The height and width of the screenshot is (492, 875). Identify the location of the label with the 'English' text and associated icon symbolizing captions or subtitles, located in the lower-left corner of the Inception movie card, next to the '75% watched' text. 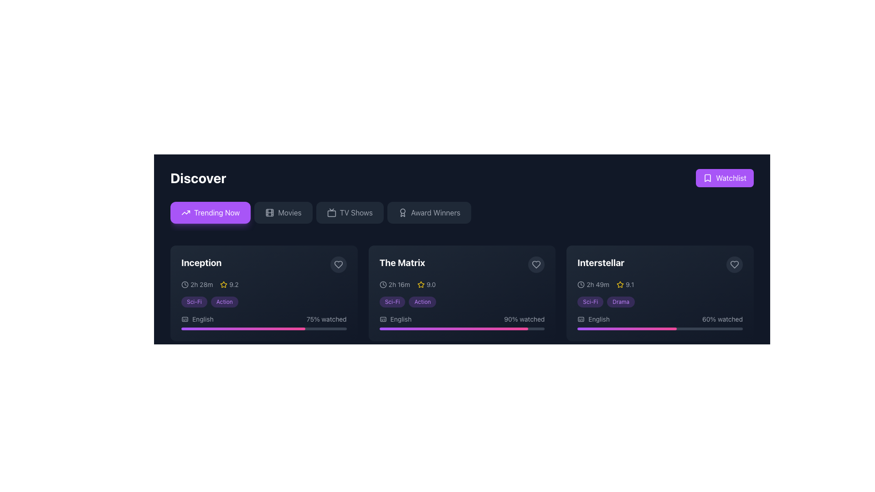
(197, 319).